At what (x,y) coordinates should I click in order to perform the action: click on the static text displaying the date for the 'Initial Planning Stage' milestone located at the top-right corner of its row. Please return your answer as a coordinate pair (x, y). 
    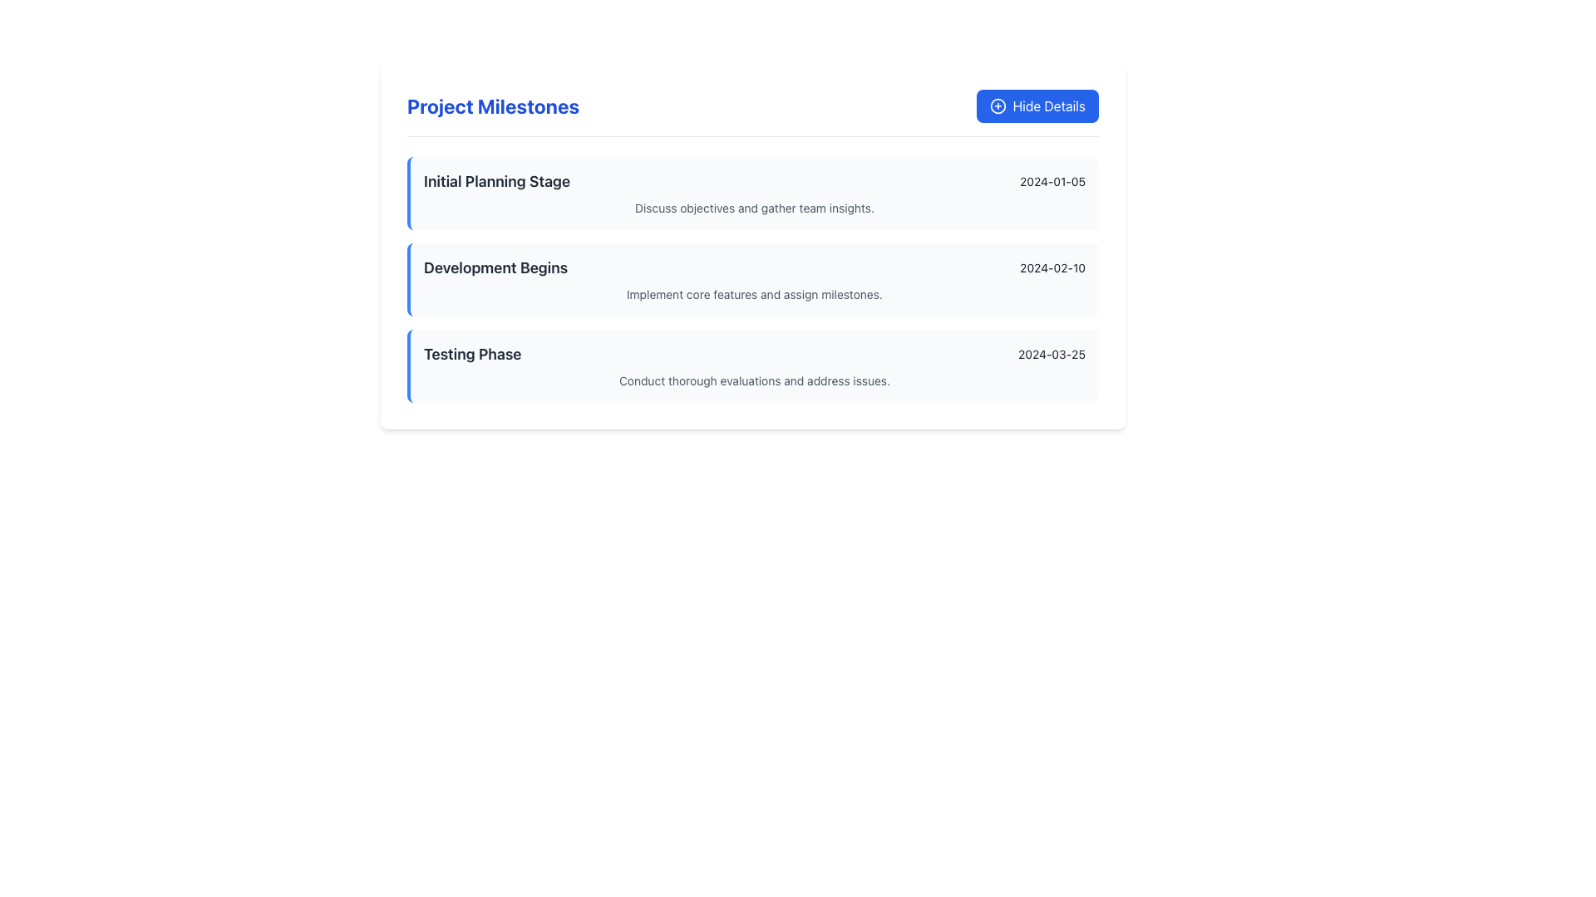
    Looking at the image, I should click on (1052, 182).